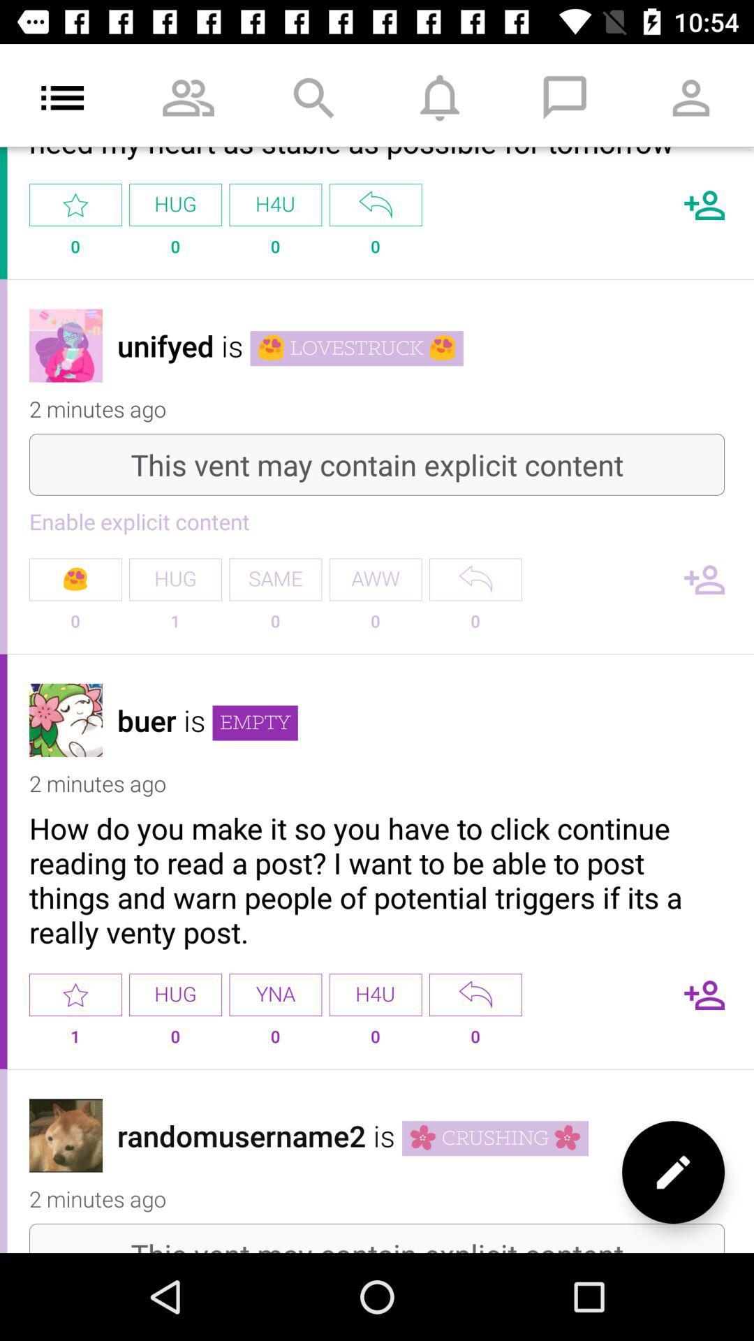 This screenshot has width=754, height=1341. Describe the element at coordinates (255, 723) in the screenshot. I see `icon to the right of is icon` at that location.